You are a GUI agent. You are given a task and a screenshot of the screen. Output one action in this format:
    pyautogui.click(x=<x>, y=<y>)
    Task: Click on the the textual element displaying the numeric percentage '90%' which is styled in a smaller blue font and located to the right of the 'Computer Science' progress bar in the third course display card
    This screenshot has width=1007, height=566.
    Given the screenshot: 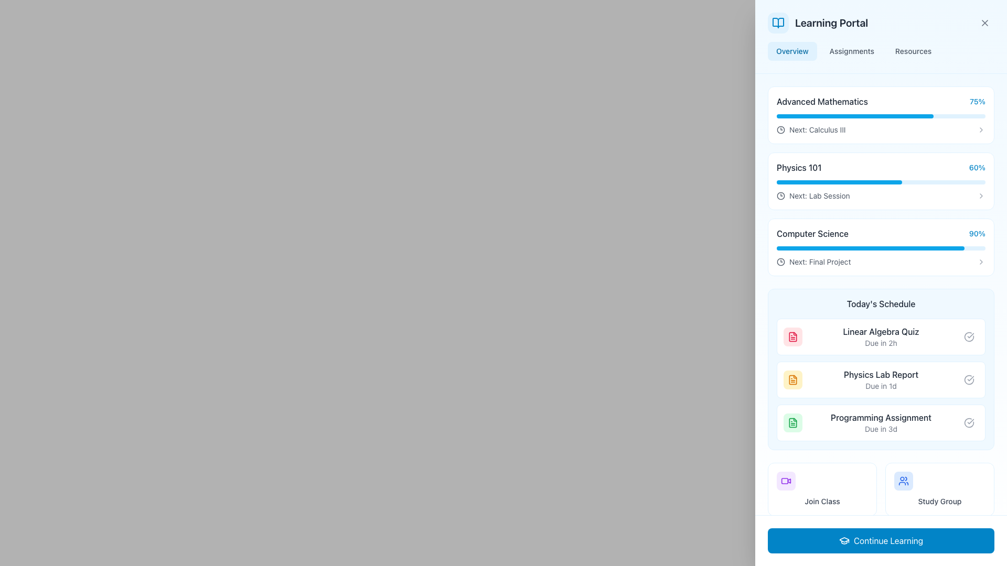 What is the action you would take?
    pyautogui.click(x=977, y=233)
    